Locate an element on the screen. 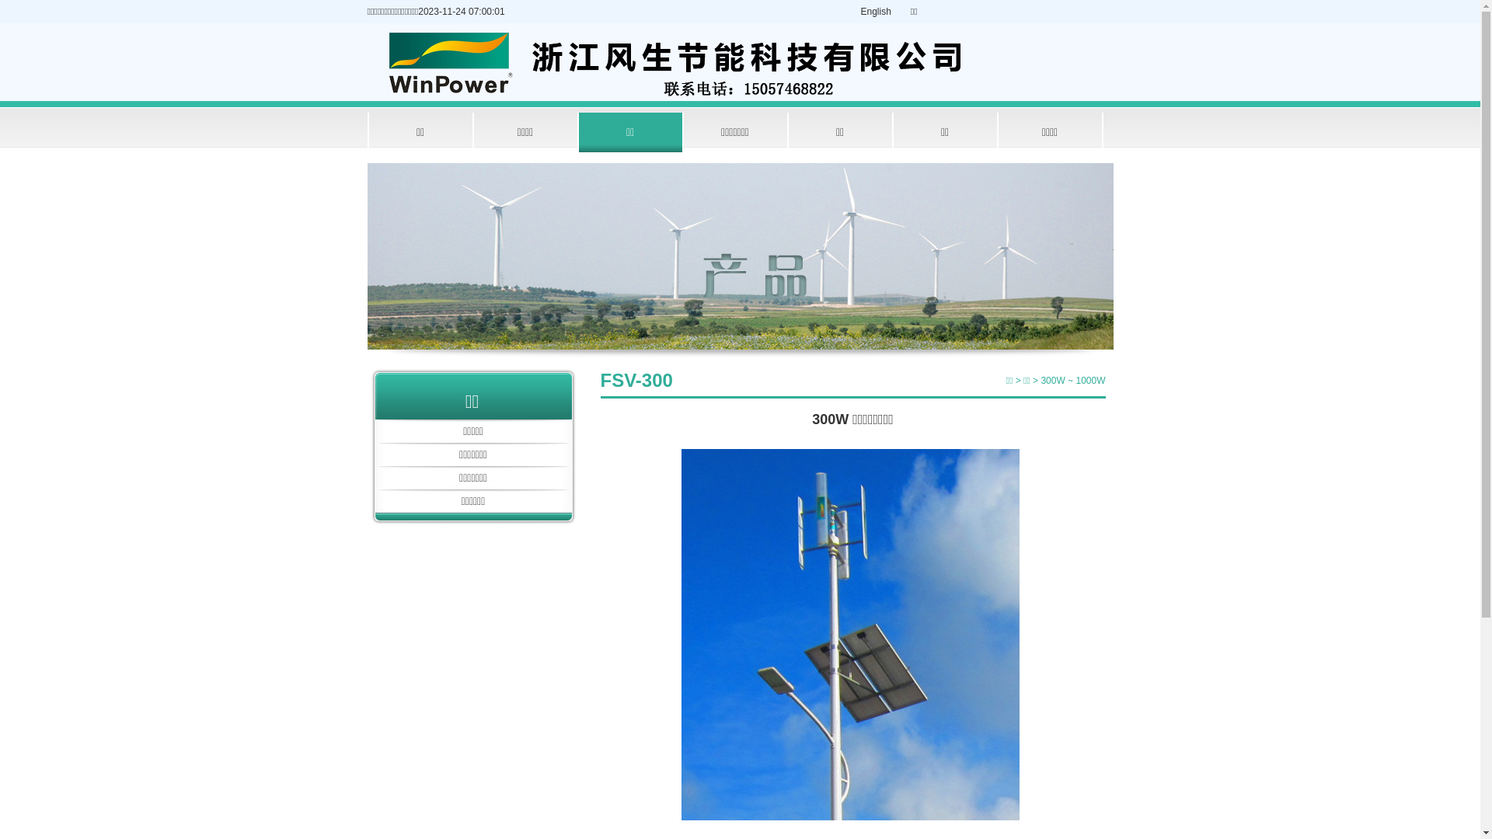 Image resolution: width=1492 pixels, height=839 pixels. 'English' is located at coordinates (876, 12).